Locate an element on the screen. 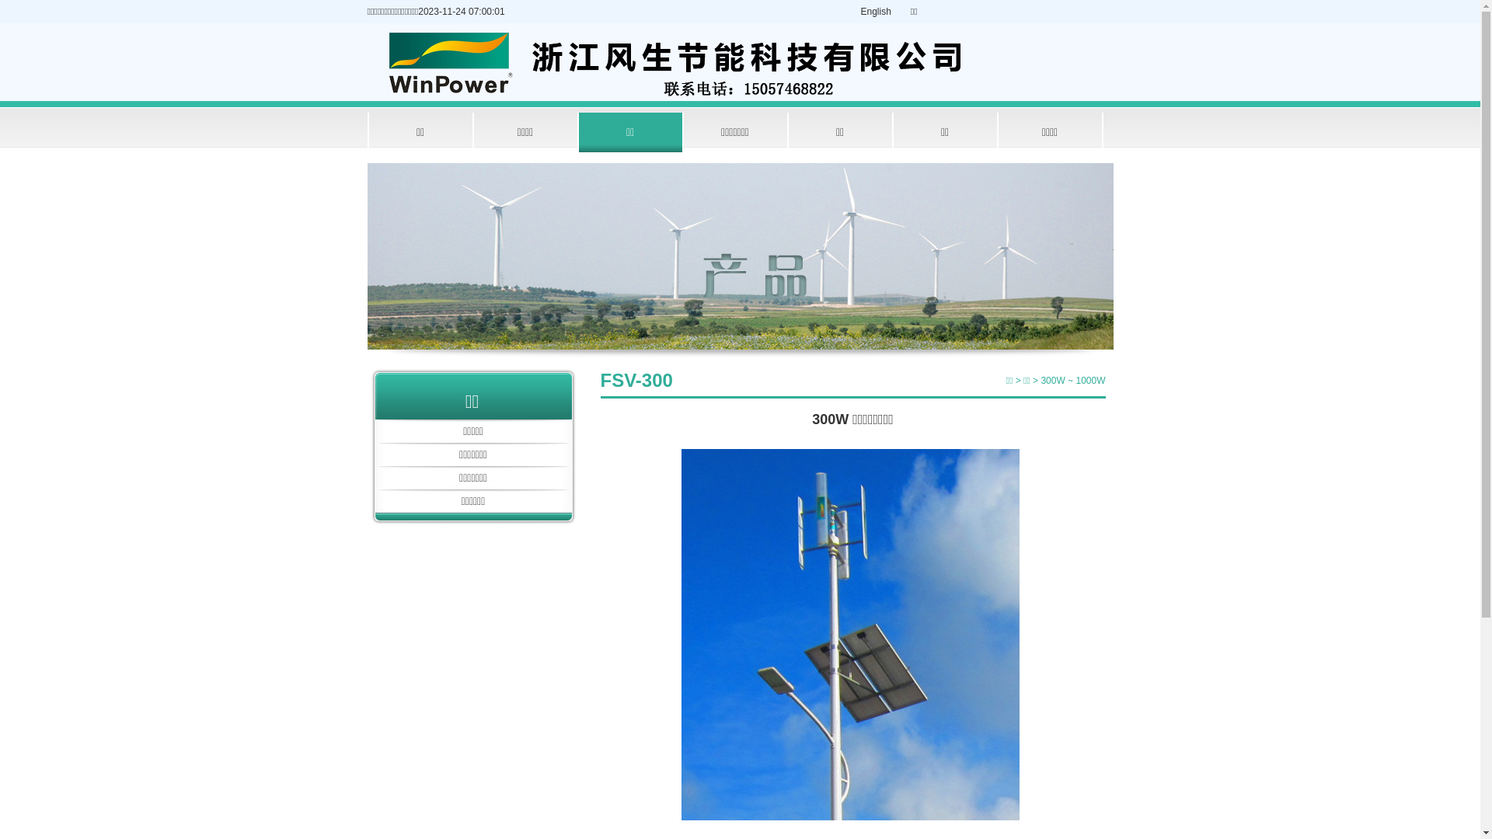 Image resolution: width=1492 pixels, height=839 pixels. 'English' is located at coordinates (876, 12).